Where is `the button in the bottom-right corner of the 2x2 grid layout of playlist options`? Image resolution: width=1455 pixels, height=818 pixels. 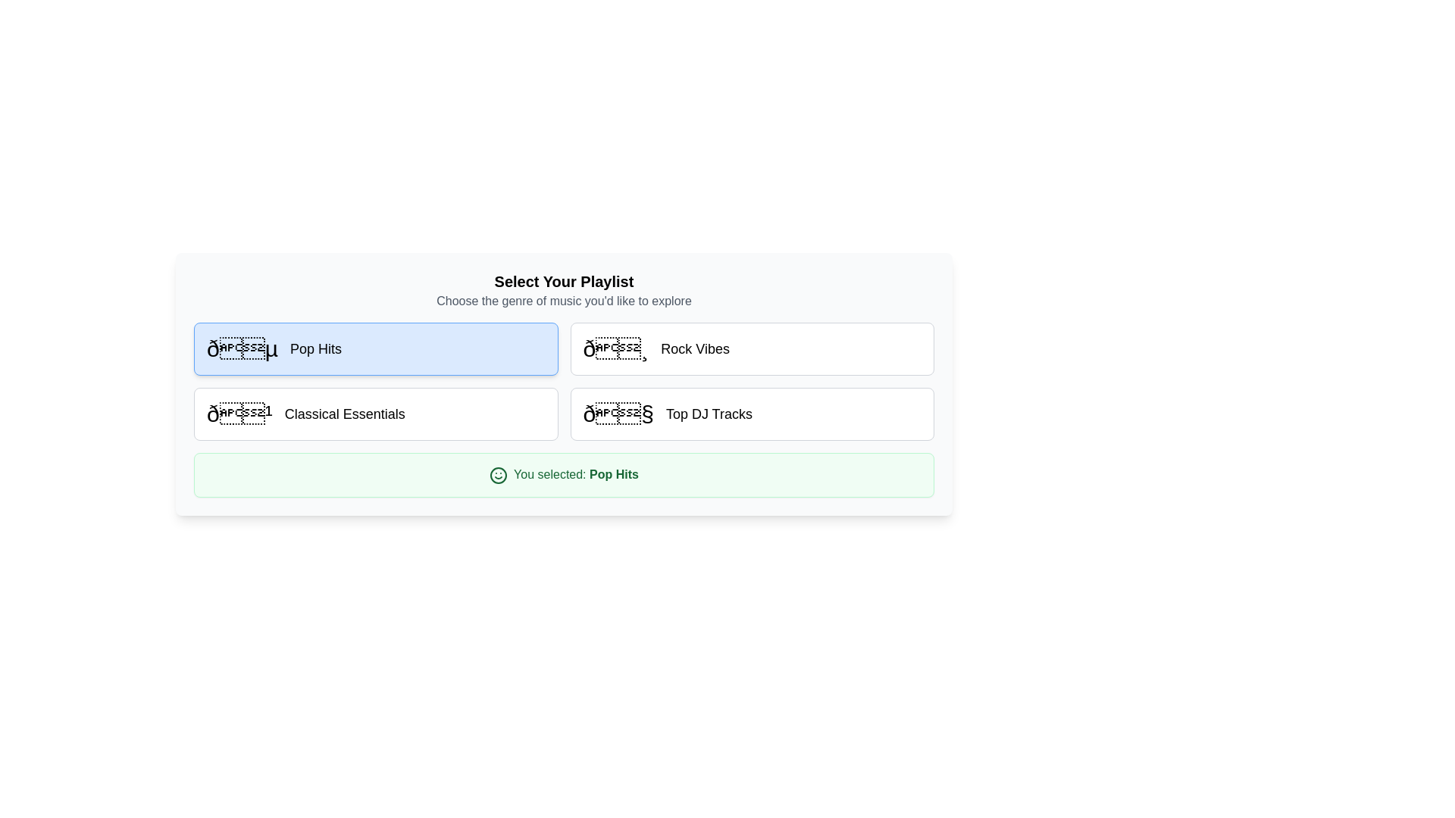 the button in the bottom-right corner of the 2x2 grid layout of playlist options is located at coordinates (752, 414).